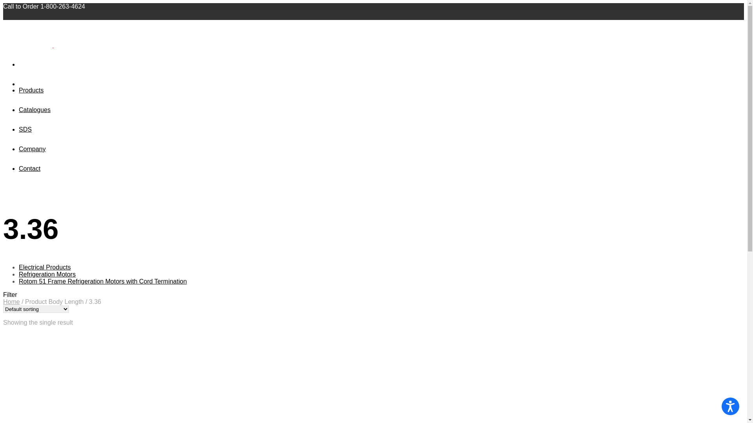  What do you see at coordinates (34, 110) in the screenshot?
I see `'Catalogues'` at bounding box center [34, 110].